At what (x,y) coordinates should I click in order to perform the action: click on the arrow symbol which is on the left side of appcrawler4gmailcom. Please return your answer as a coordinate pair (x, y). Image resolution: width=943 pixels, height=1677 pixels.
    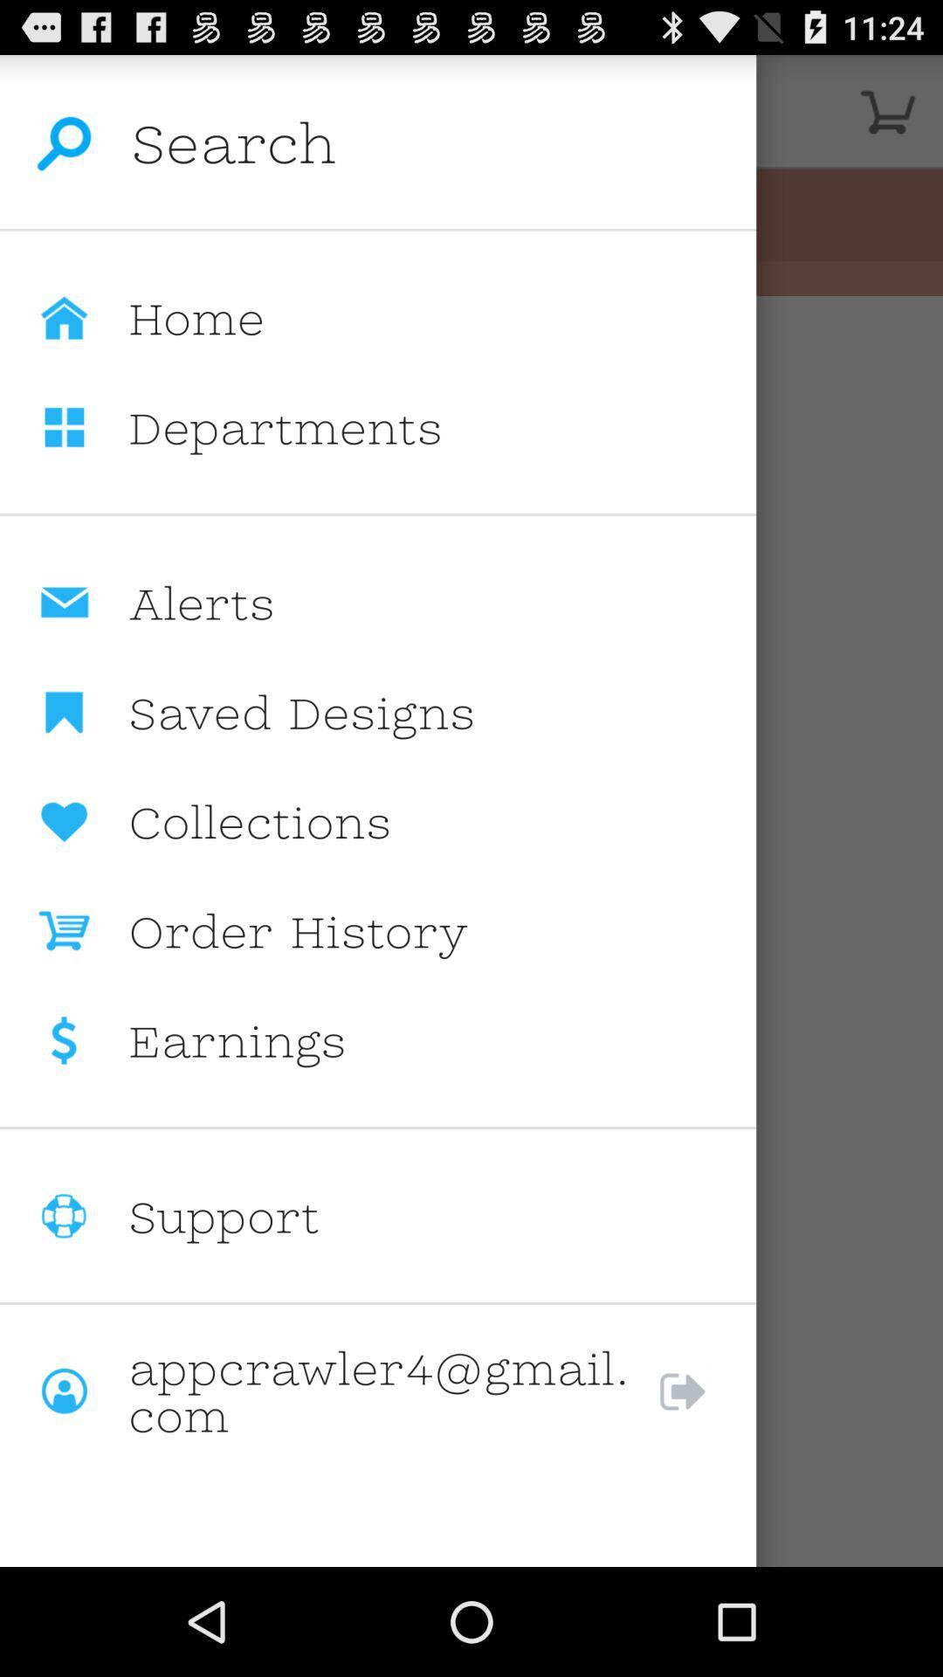
    Looking at the image, I should click on (699, 1391).